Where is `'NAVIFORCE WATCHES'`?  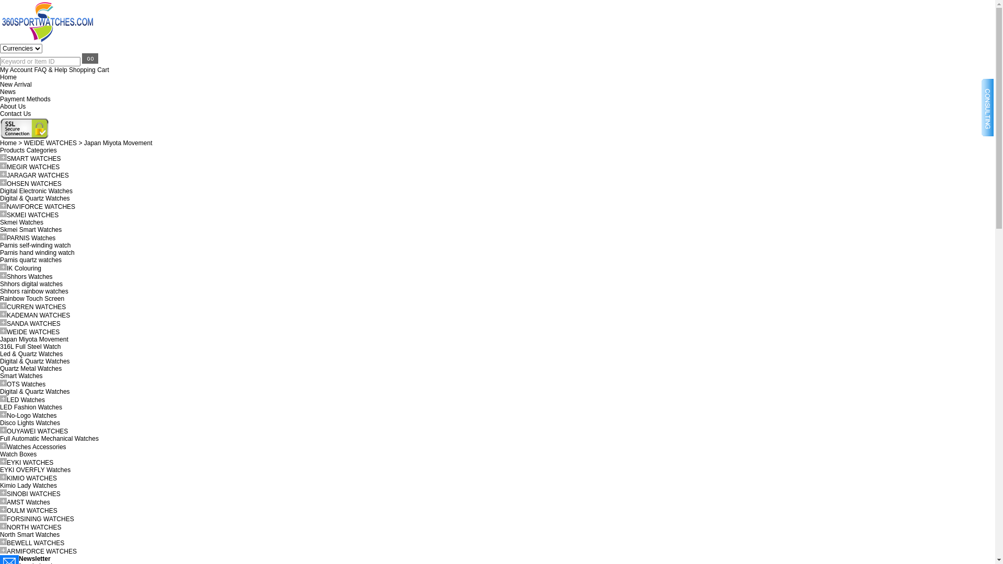
'NAVIFORCE WATCHES' is located at coordinates (41, 207).